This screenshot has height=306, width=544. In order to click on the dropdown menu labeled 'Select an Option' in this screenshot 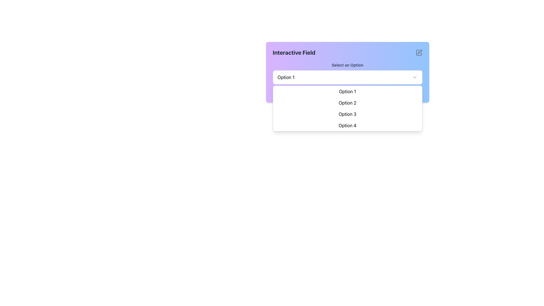, I will do `click(347, 73)`.